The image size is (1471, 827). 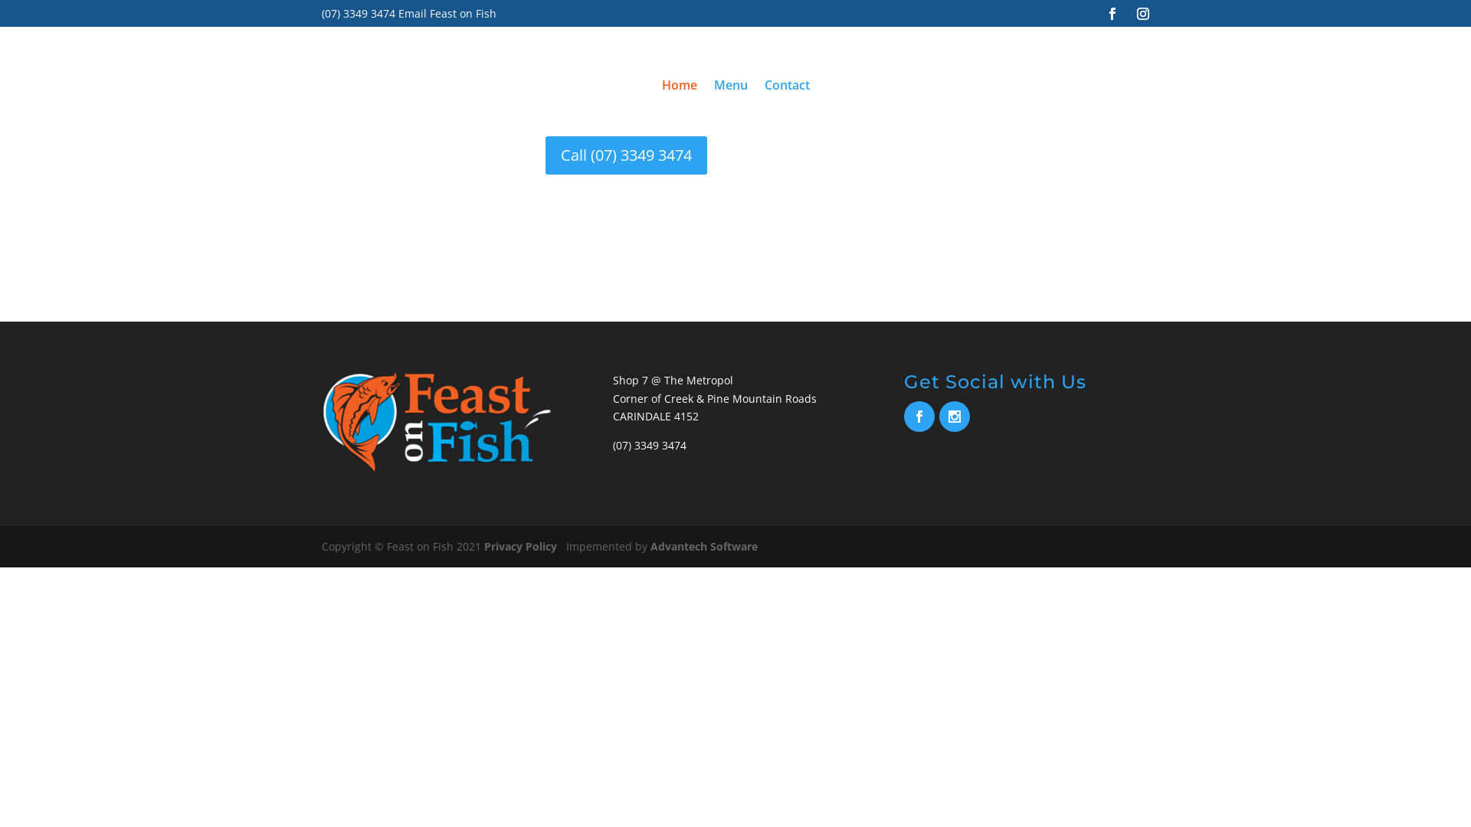 What do you see at coordinates (544, 155) in the screenshot?
I see `'Call (07) 3349 3474'` at bounding box center [544, 155].